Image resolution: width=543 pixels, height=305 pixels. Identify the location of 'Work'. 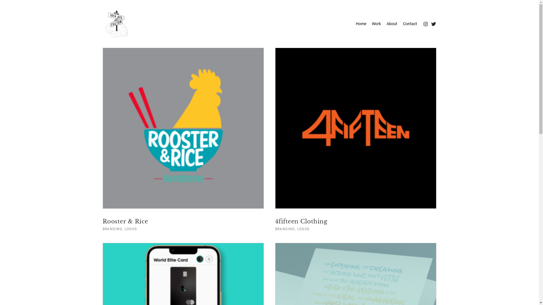
(376, 23).